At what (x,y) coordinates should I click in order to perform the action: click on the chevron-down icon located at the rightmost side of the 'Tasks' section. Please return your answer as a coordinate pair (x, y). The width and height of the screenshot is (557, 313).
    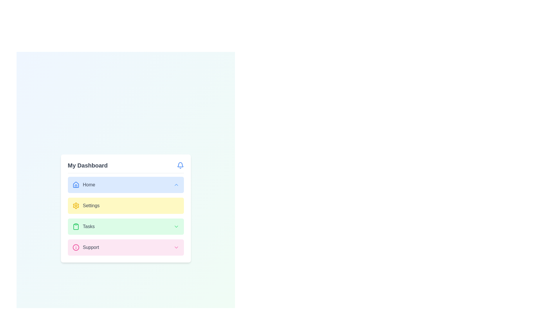
    Looking at the image, I should click on (176, 226).